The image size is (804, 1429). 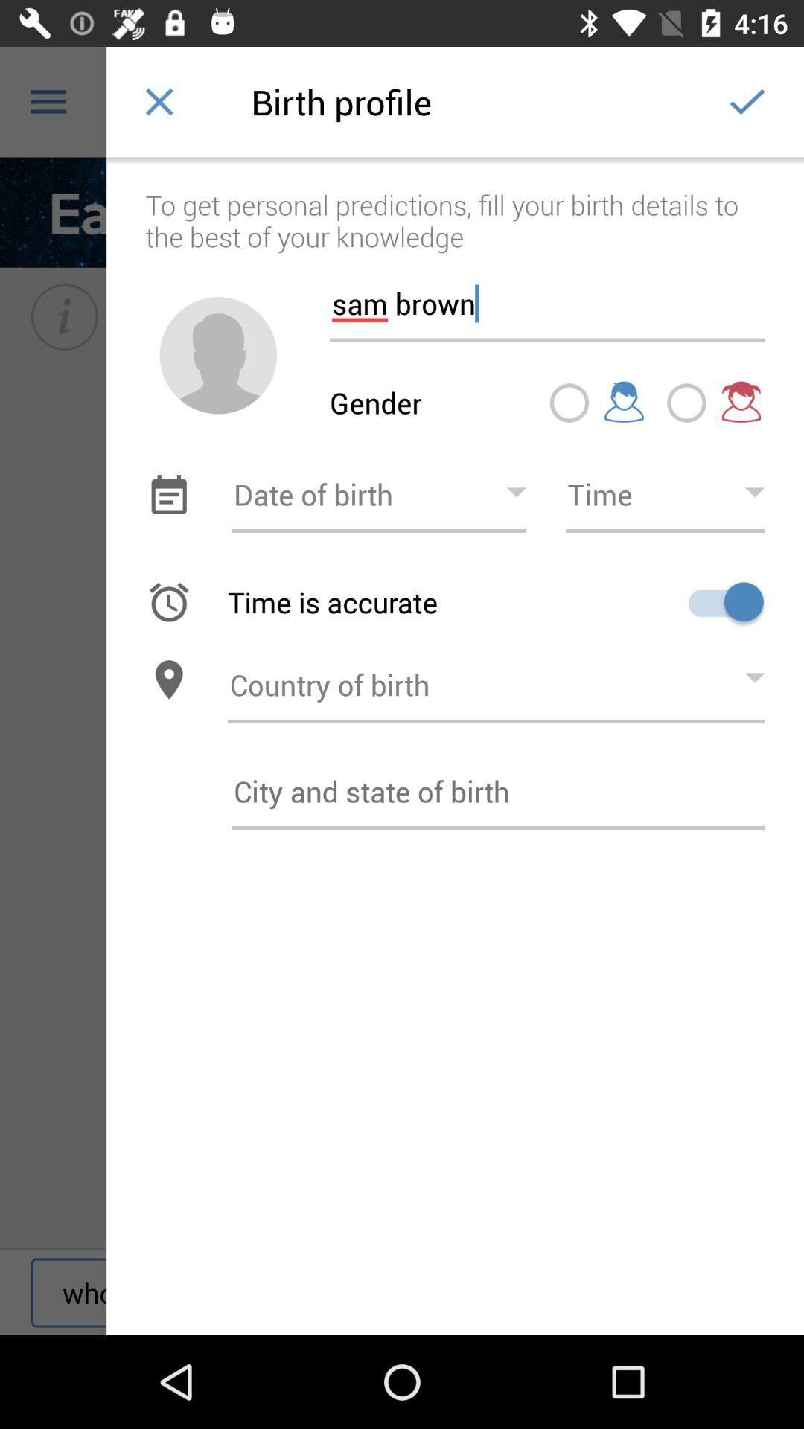 I want to click on accurate time button, so click(x=720, y=601).